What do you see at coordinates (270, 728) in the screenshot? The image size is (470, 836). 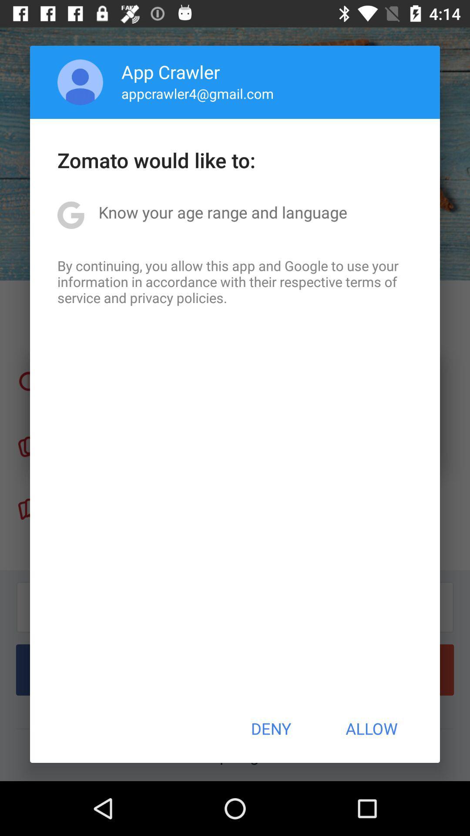 I see `button next to the allow button` at bounding box center [270, 728].